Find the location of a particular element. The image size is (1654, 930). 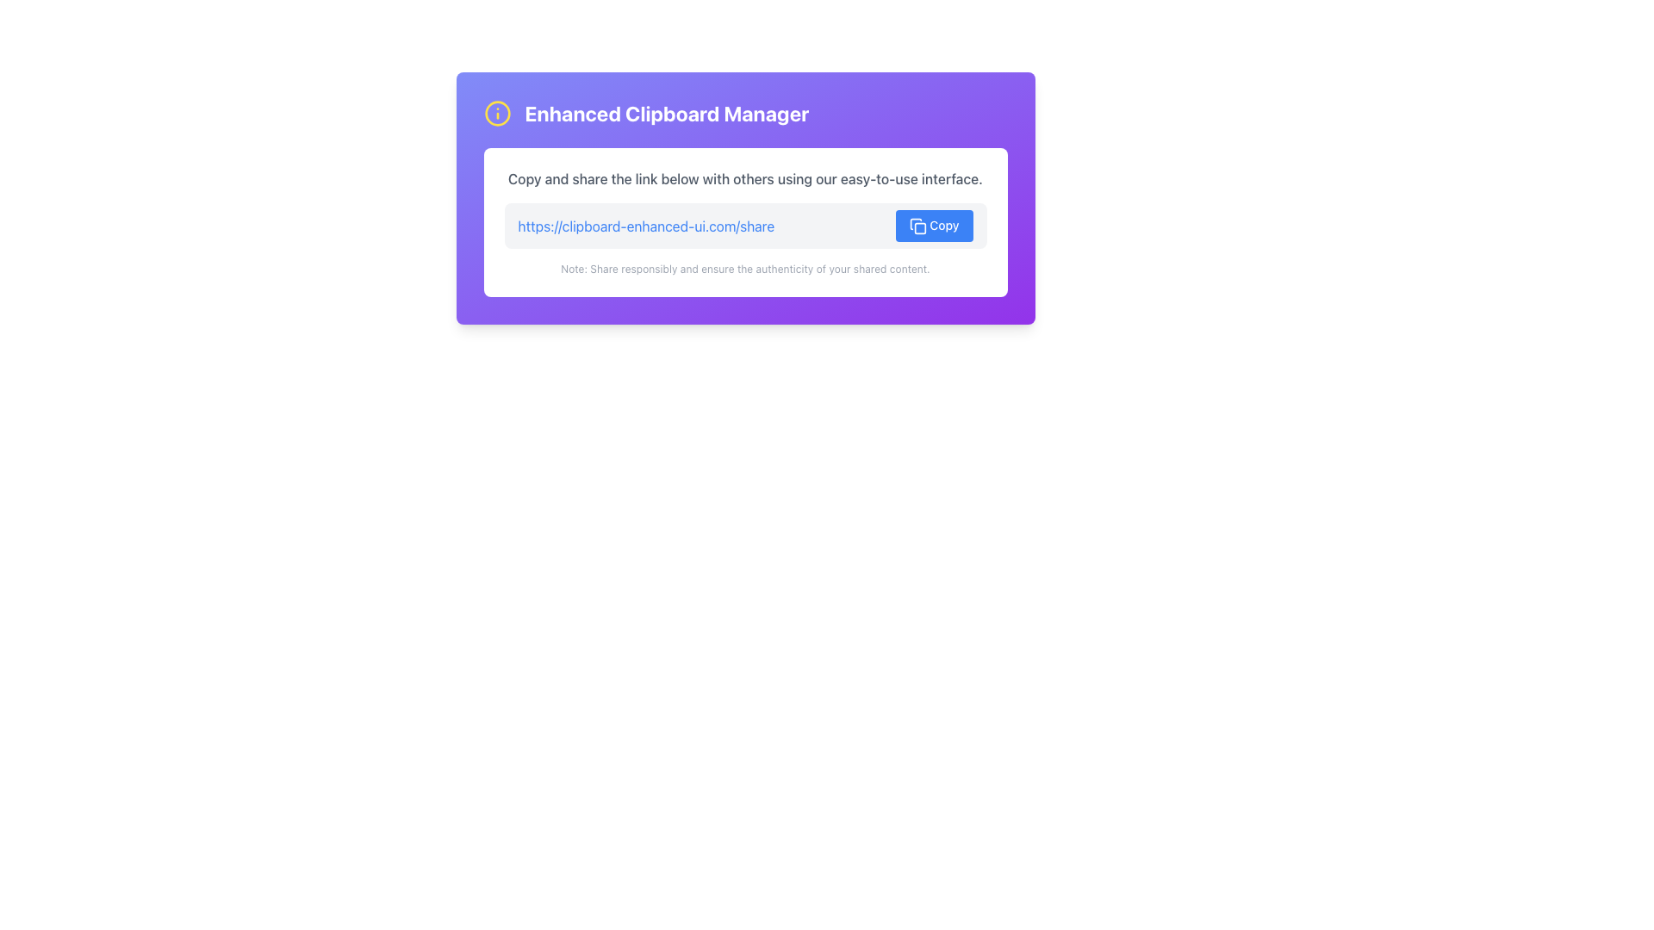

the small, square-shaped icon associated with the action of duplicating or copying content, which is located within the blue 'Copy' button is located at coordinates (917, 226).